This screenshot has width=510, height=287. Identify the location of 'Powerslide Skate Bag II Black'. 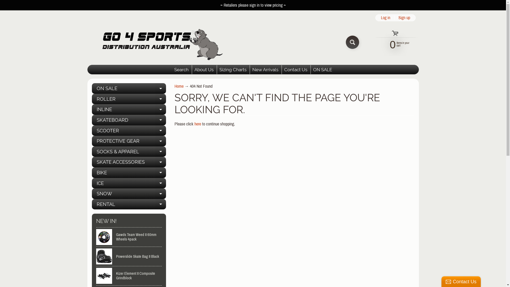
(129, 256).